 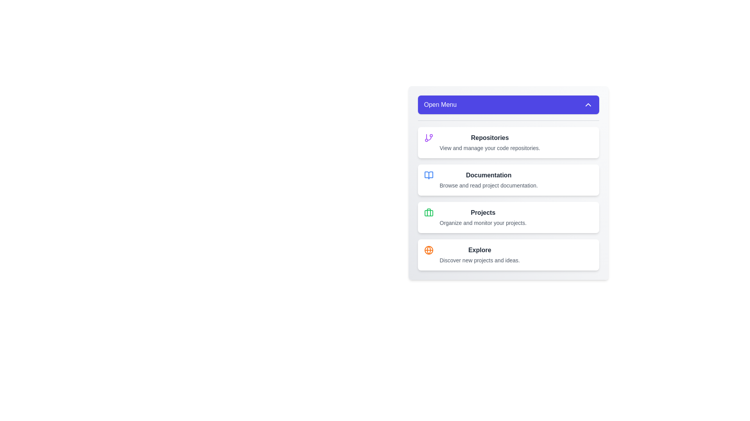 What do you see at coordinates (479, 260) in the screenshot?
I see `the text label that contains the description 'Discover new projects and ideas.' located below the title 'Explore' in the bottom-right portion of the menu panel` at bounding box center [479, 260].